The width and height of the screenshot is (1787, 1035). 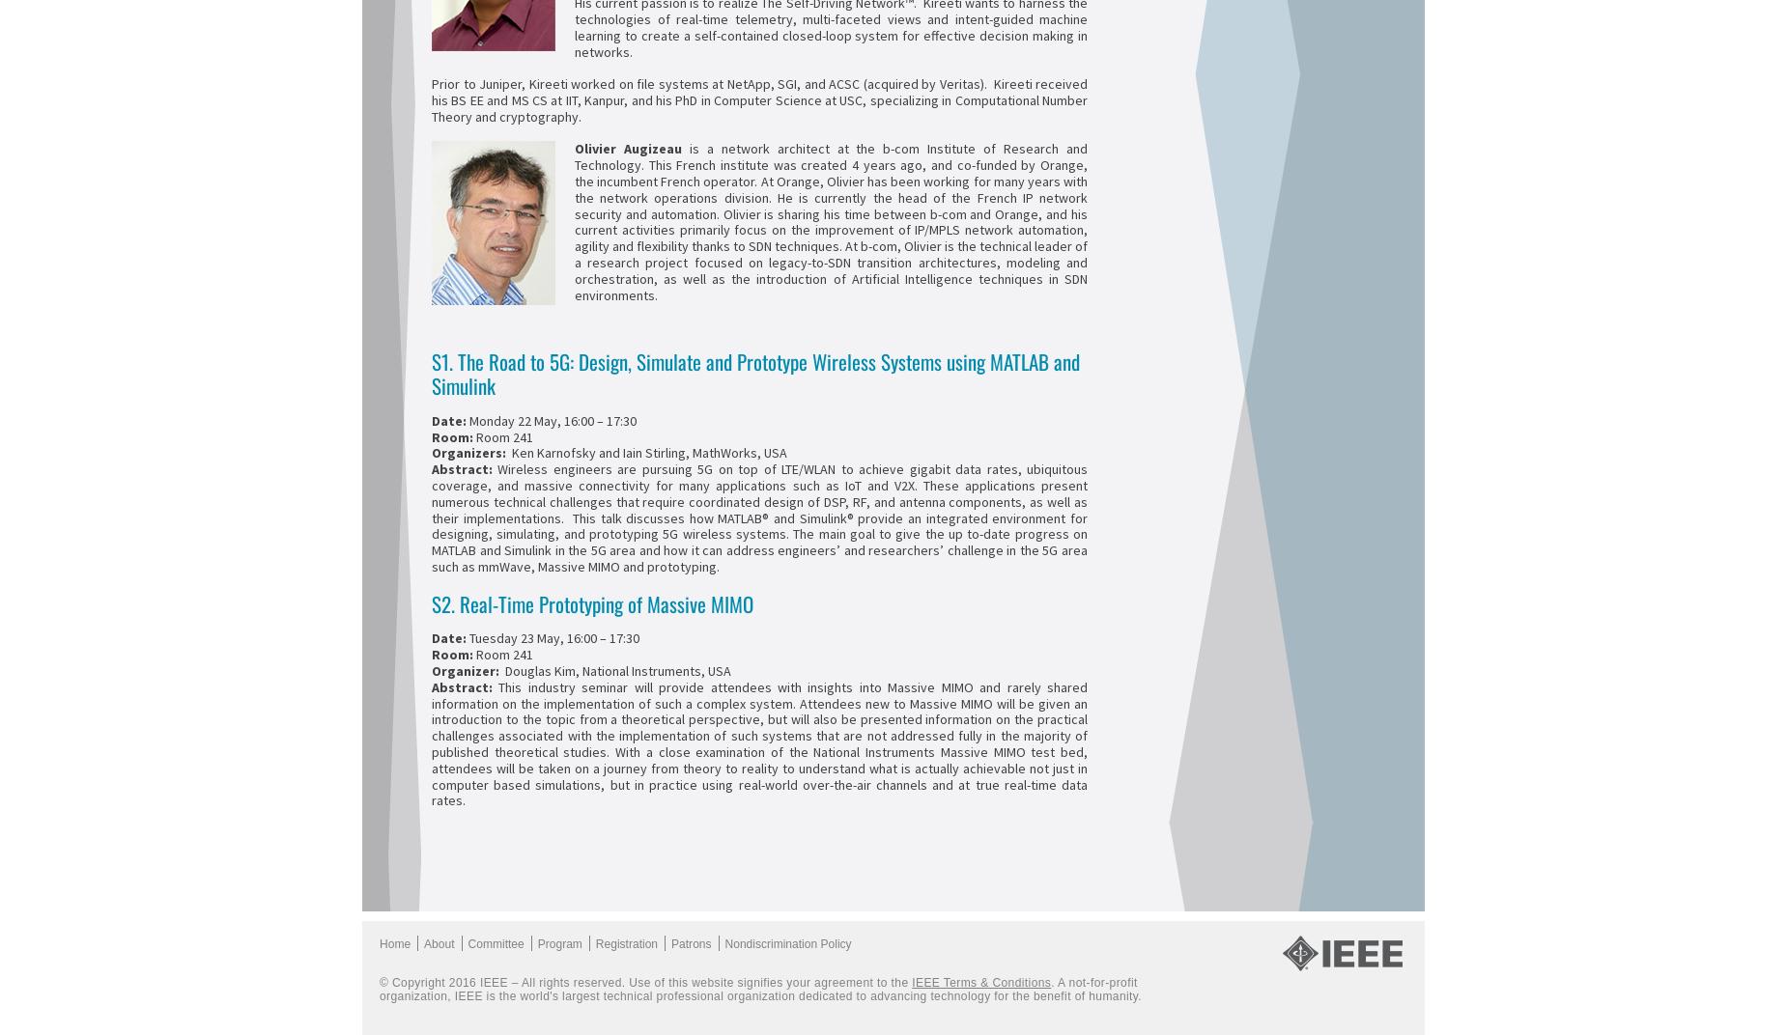 I want to click on 'Wireless engineers are pursuing 5G on top of LTE/WLAN to achieve gigabit data rates, ubiquitous coverage, and massive connectivity for many applications such as IoT and V2X. These applications present numerous technical challenges that require coordinated design of DSP, RF, and antenna components, as well as their implementations.  This talk discusses how MATLAB® and Simulink® provide an integrated environment for designing, simulating, and prototyping 5G wireless systems. The main goal to give the up to-date progress on MATLAB and Simulink in the 5G area and how it can address engineers’ and researchers’ challenge in the 5G area such as mmWave, Massive MIMO and prototyping.', so click(x=759, y=517).